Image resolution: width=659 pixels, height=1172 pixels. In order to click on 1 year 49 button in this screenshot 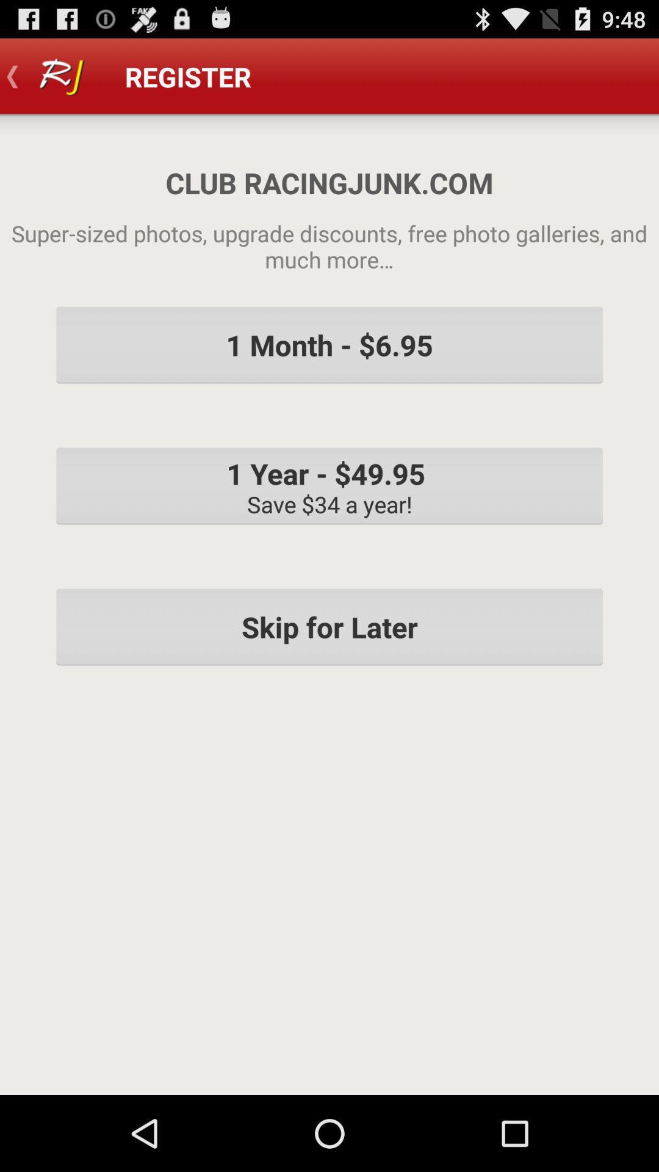, I will do `click(329, 485)`.